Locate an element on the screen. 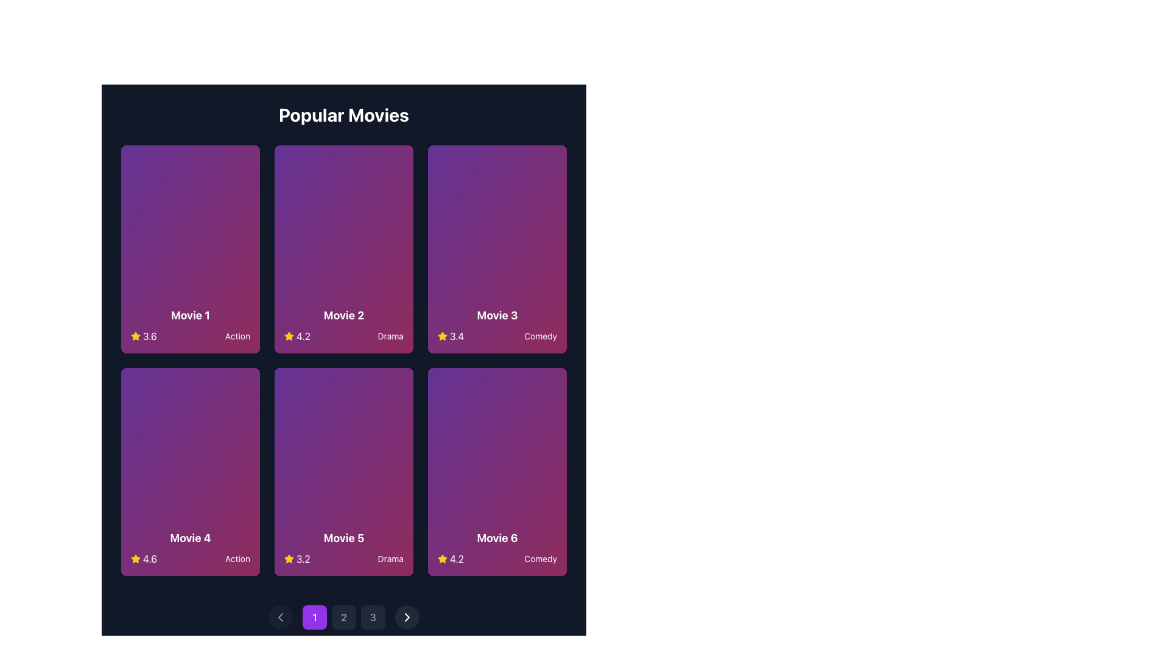 Image resolution: width=1169 pixels, height=657 pixels. the backward navigation button located in the bottom navigation area to the left of the active page indicator button showing '1' is located at coordinates (279, 617).